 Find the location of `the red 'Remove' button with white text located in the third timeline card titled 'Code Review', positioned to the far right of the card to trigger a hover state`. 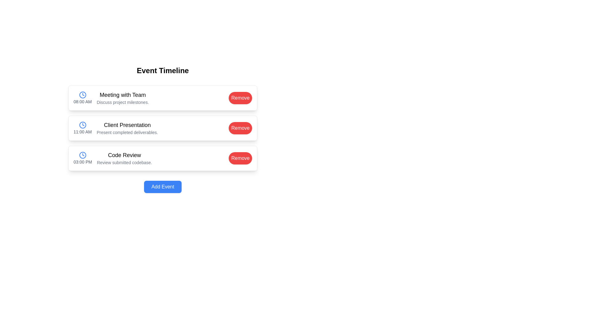

the red 'Remove' button with white text located in the third timeline card titled 'Code Review', positioned to the far right of the card to trigger a hover state is located at coordinates (240, 158).